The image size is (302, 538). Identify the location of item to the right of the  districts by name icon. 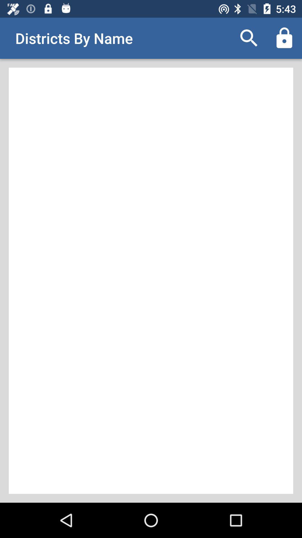
(249, 38).